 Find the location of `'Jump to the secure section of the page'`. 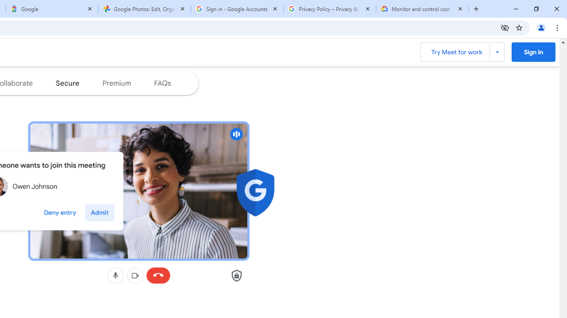

'Jump to the secure section of the page' is located at coordinates (67, 83).